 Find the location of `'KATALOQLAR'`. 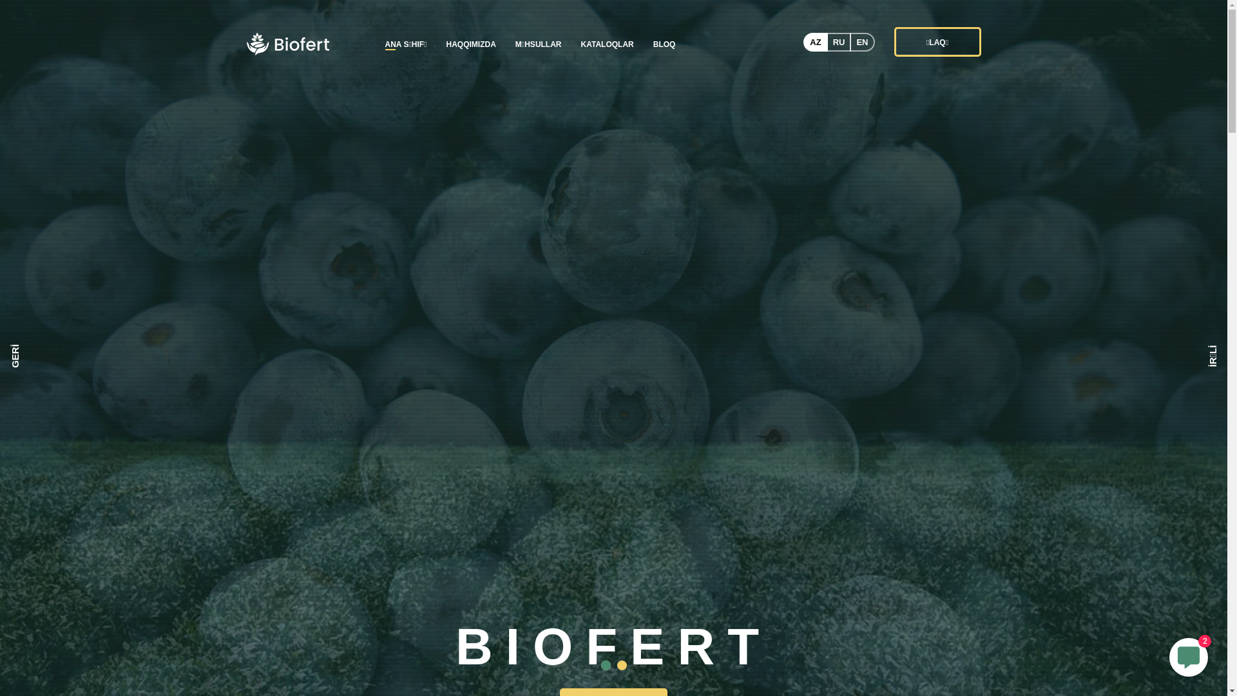

'KATALOQLAR' is located at coordinates (606, 44).